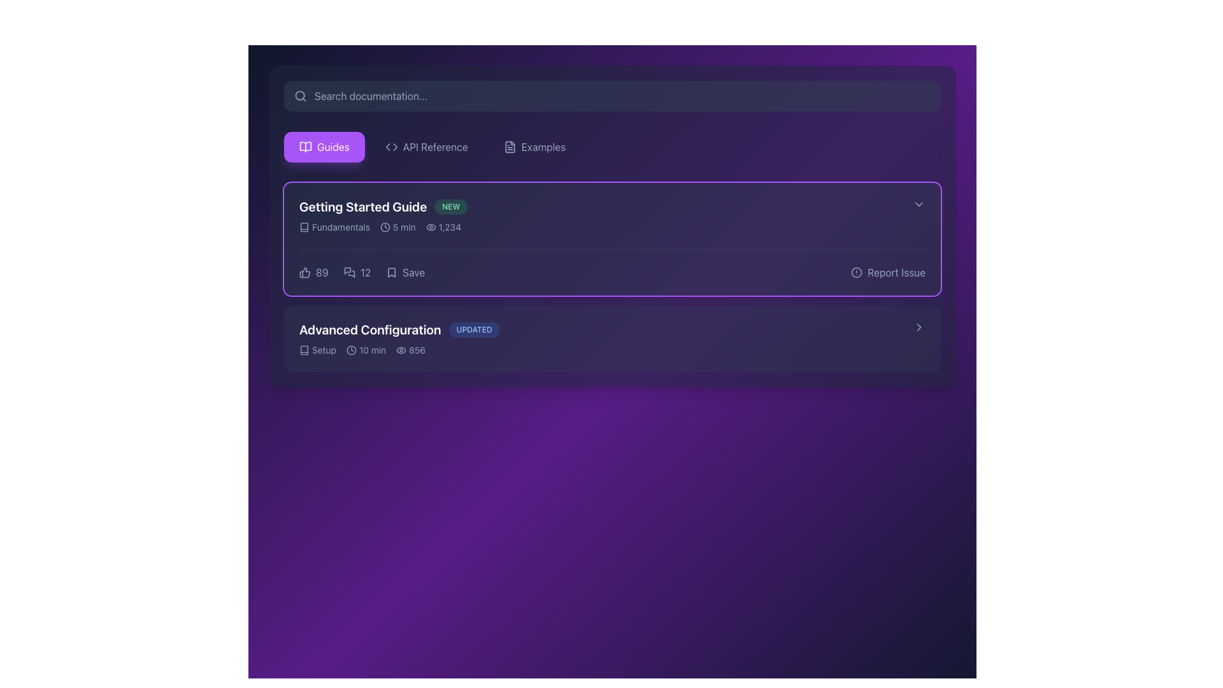  I want to click on the small book icon located next to the text 'Fundamentals' under the 'Getting Started Guide' section, so click(304, 227).